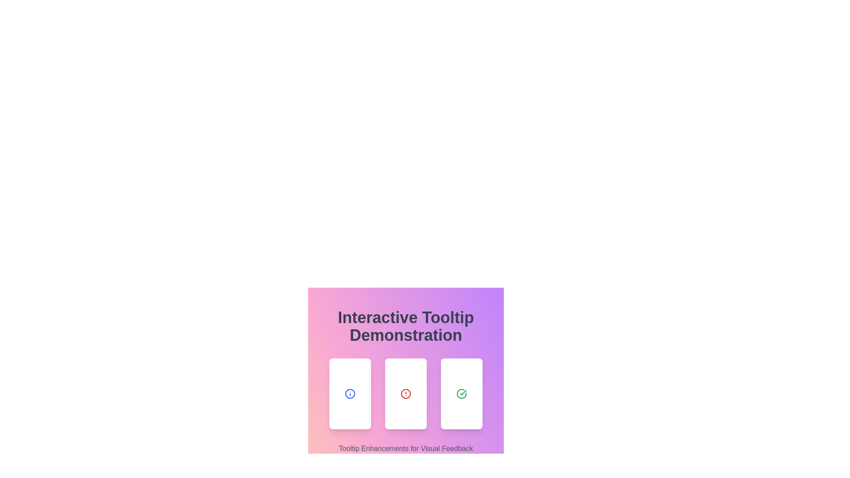 This screenshot has width=850, height=478. What do you see at coordinates (350, 393) in the screenshot?
I see `the Informational Icon located in the middle of the leftmost tile under 'Interactive Tooltip Demonstration'` at bounding box center [350, 393].